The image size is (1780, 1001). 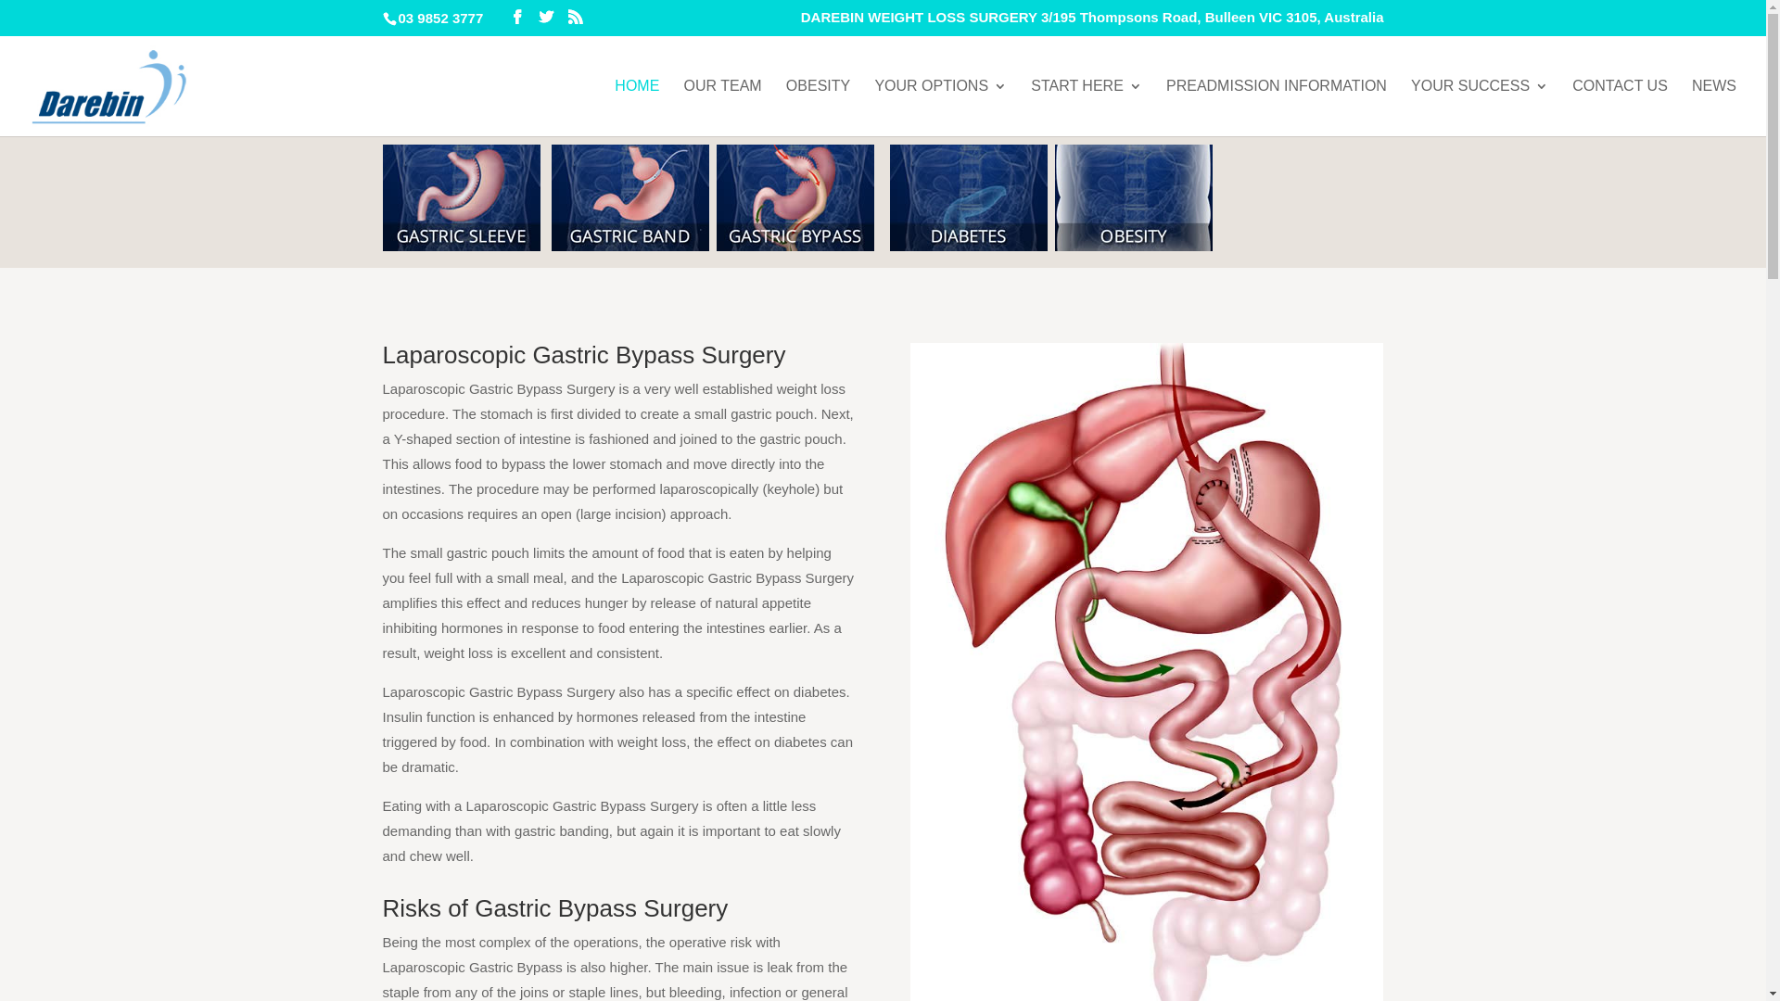 I want to click on 'OBESITY', so click(x=817, y=108).